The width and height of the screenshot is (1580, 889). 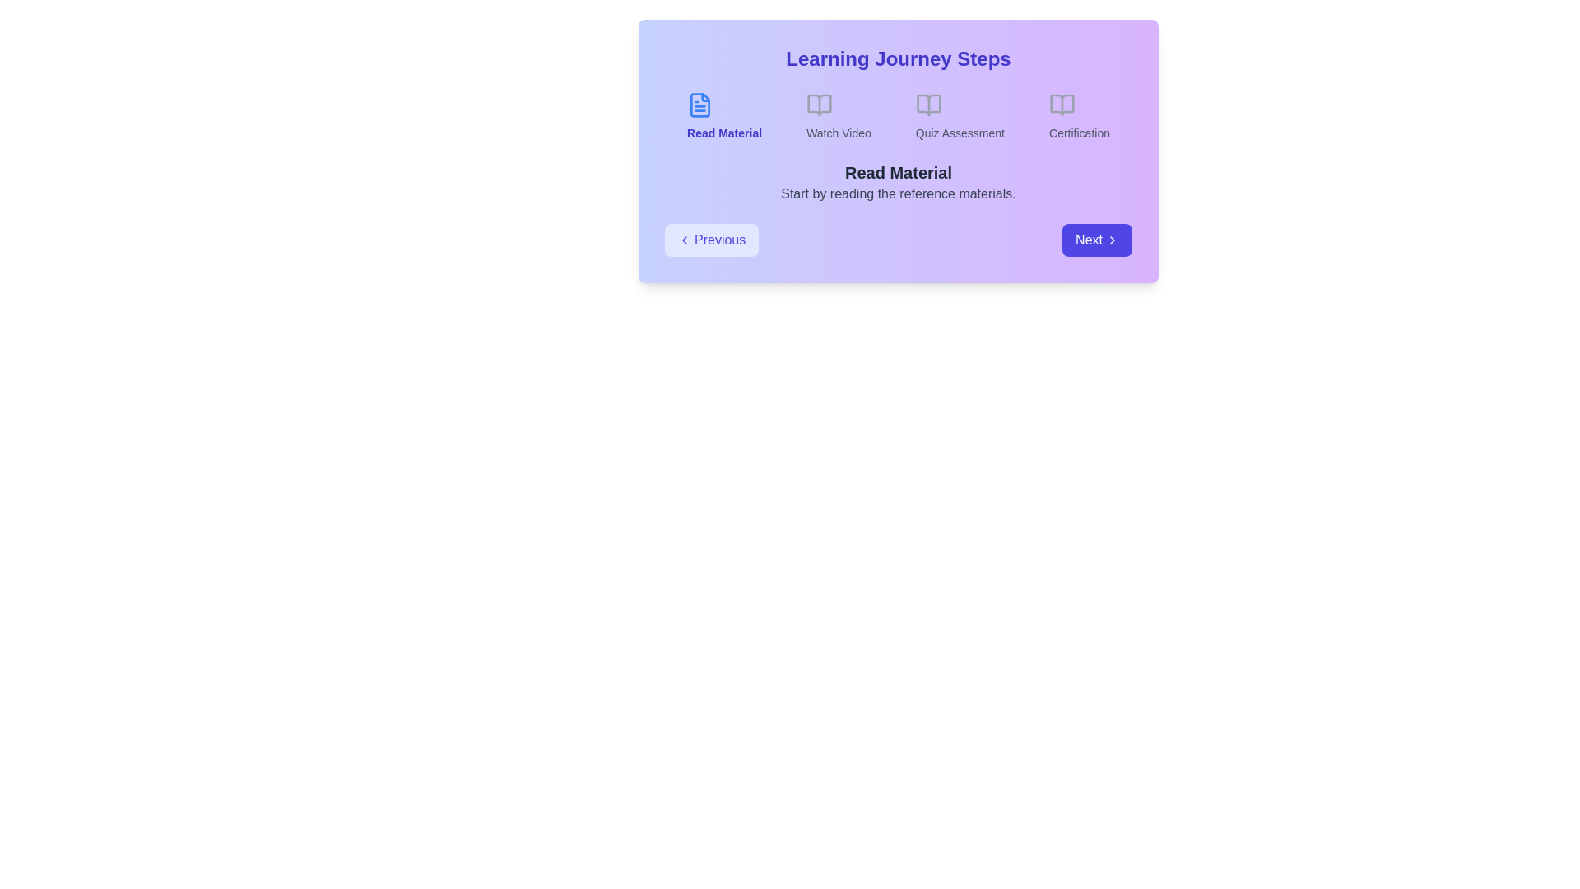 What do you see at coordinates (684, 240) in the screenshot?
I see `the 'Previous' button's arrow icon, which indicates the functionality to navigate to the prior step or page, located at the bottom-left corner of the card area` at bounding box center [684, 240].